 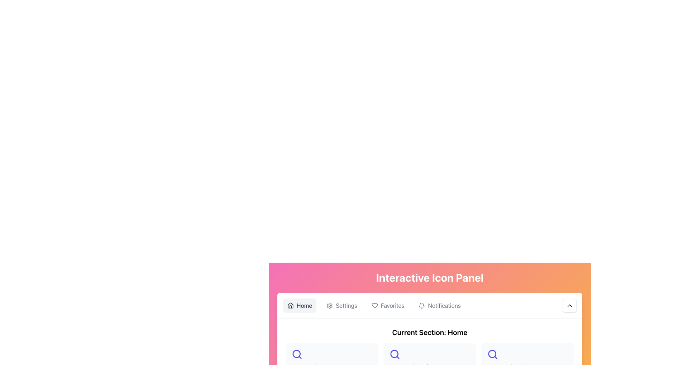 What do you see at coordinates (387, 305) in the screenshot?
I see `the 'Favorites' button, which is a soft gray button with a heart icon, located centrally in the navigation bar between 'Settings' and 'Notifications'` at bounding box center [387, 305].